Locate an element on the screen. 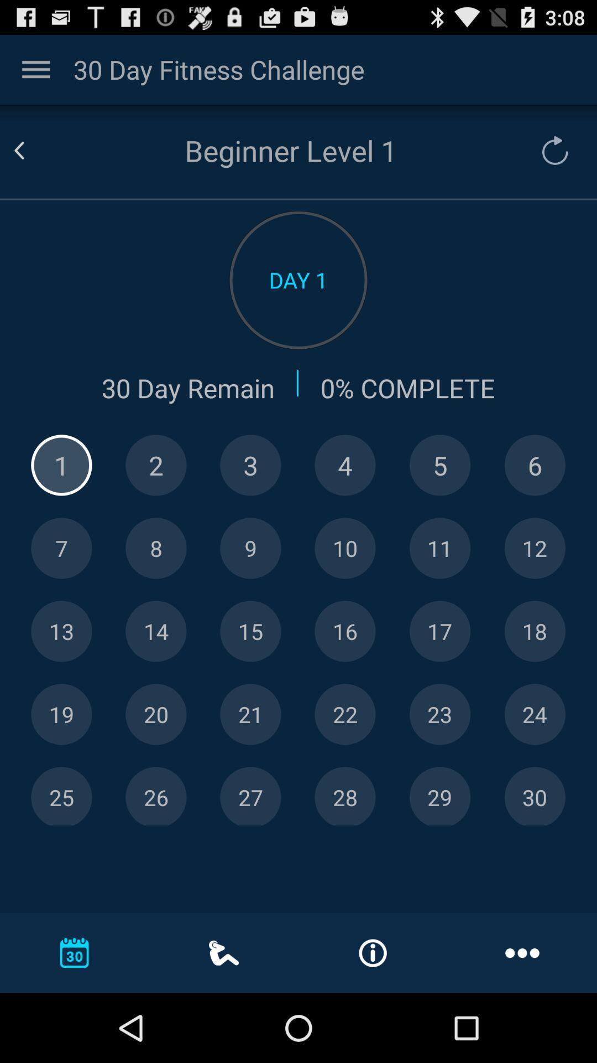 Image resolution: width=597 pixels, height=1063 pixels. the refresh icon is located at coordinates (549, 161).